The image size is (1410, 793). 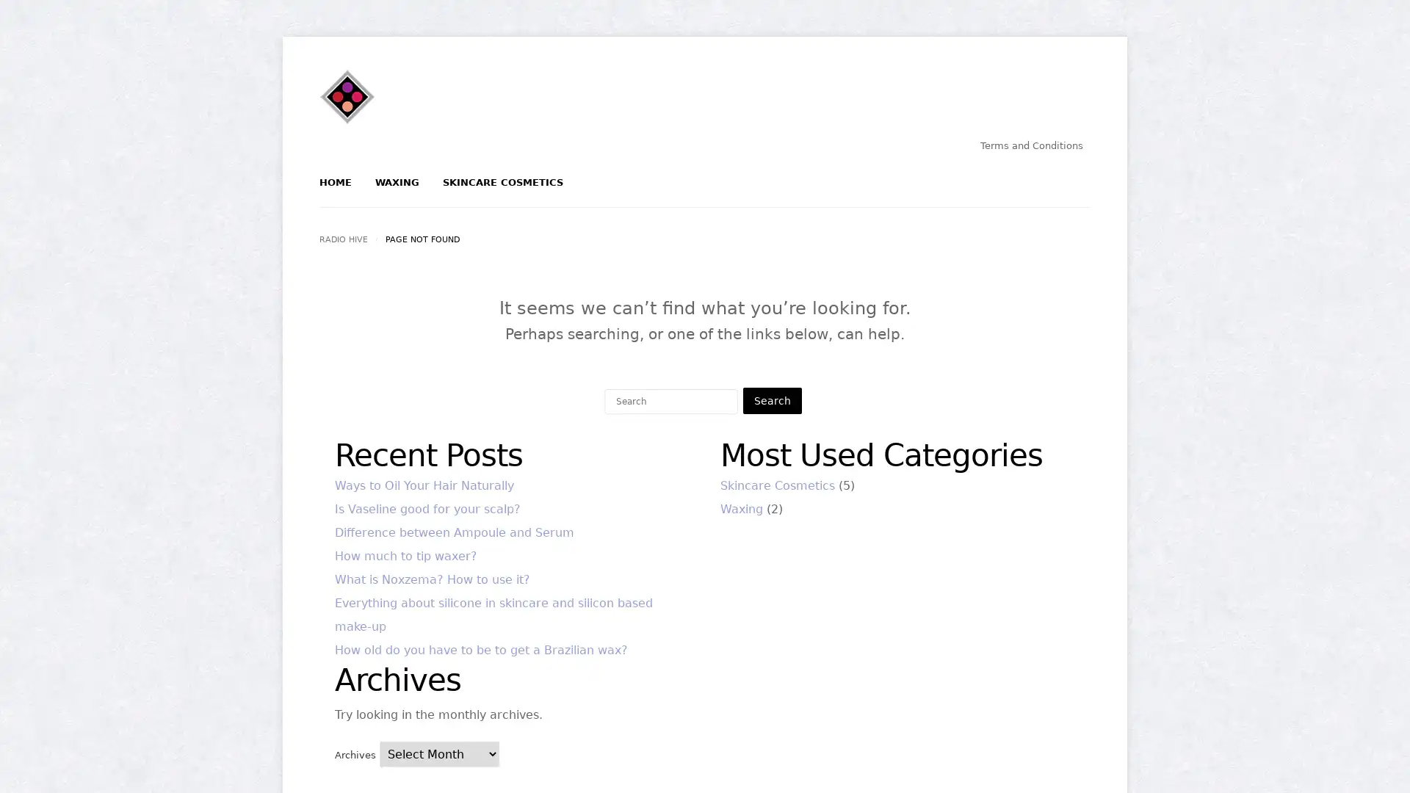 I want to click on Search, so click(x=771, y=401).